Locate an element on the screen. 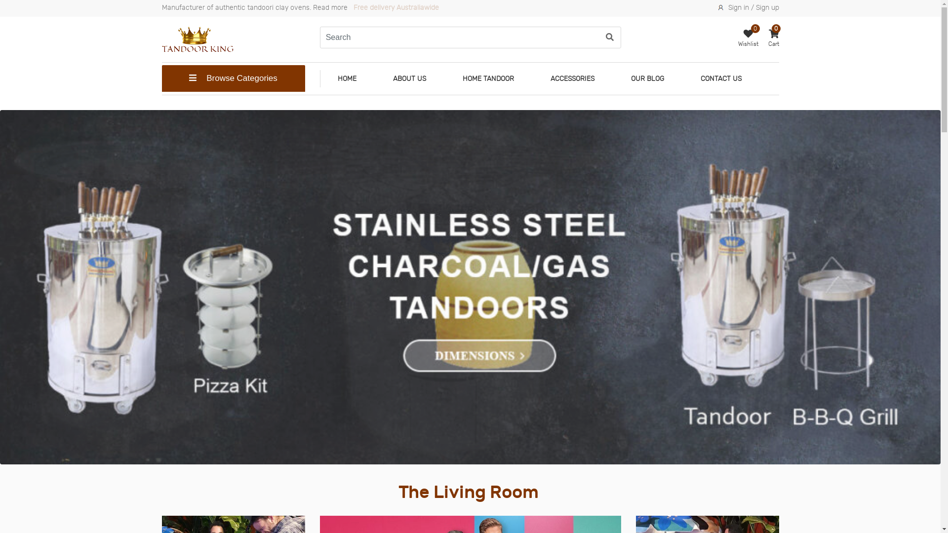  'HOME TANDOOR' is located at coordinates (488, 78).